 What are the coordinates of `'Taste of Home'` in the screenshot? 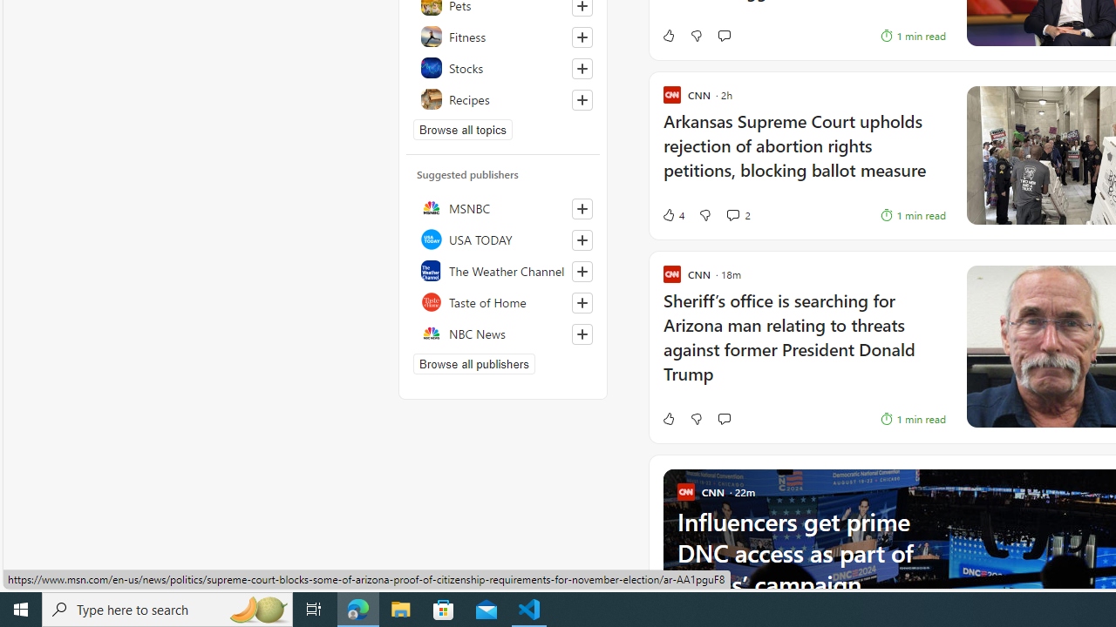 It's located at (502, 301).